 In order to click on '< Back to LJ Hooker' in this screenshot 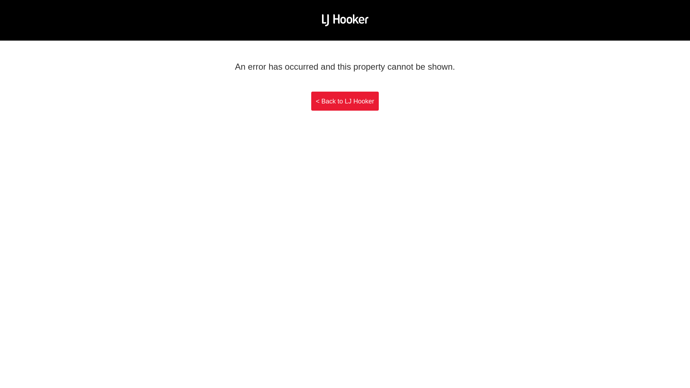, I will do `click(345, 101)`.